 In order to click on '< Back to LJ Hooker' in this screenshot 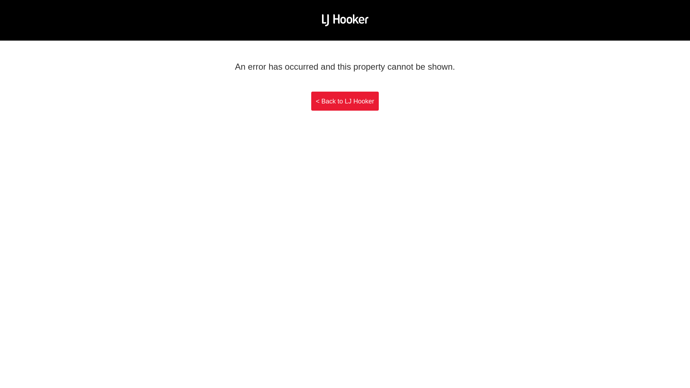, I will do `click(345, 101)`.